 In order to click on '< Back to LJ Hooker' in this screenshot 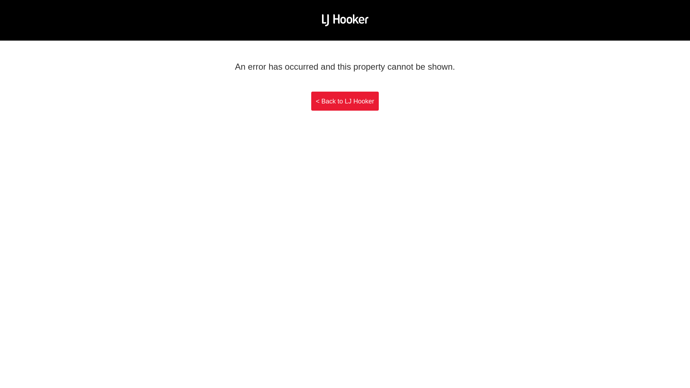, I will do `click(345, 101)`.